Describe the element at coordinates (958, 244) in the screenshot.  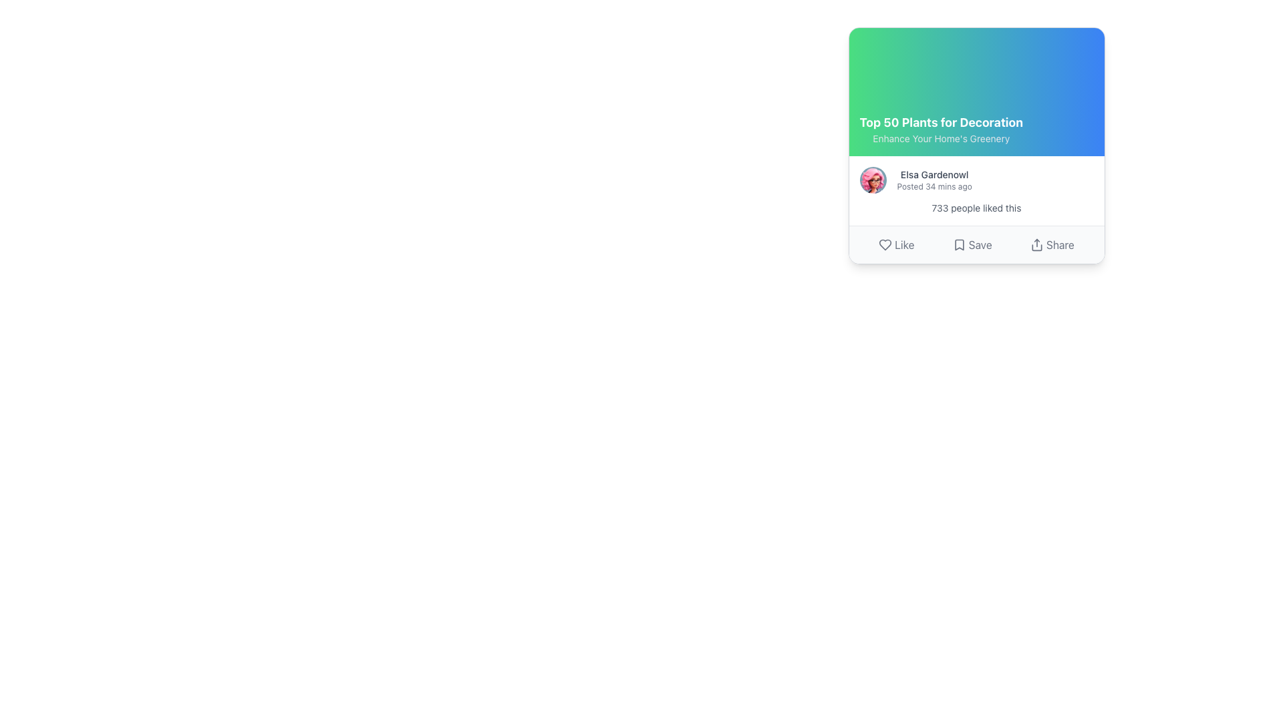
I see `the bookmark icon located between the 'Like' and 'Share' buttons in the user profile section` at that location.